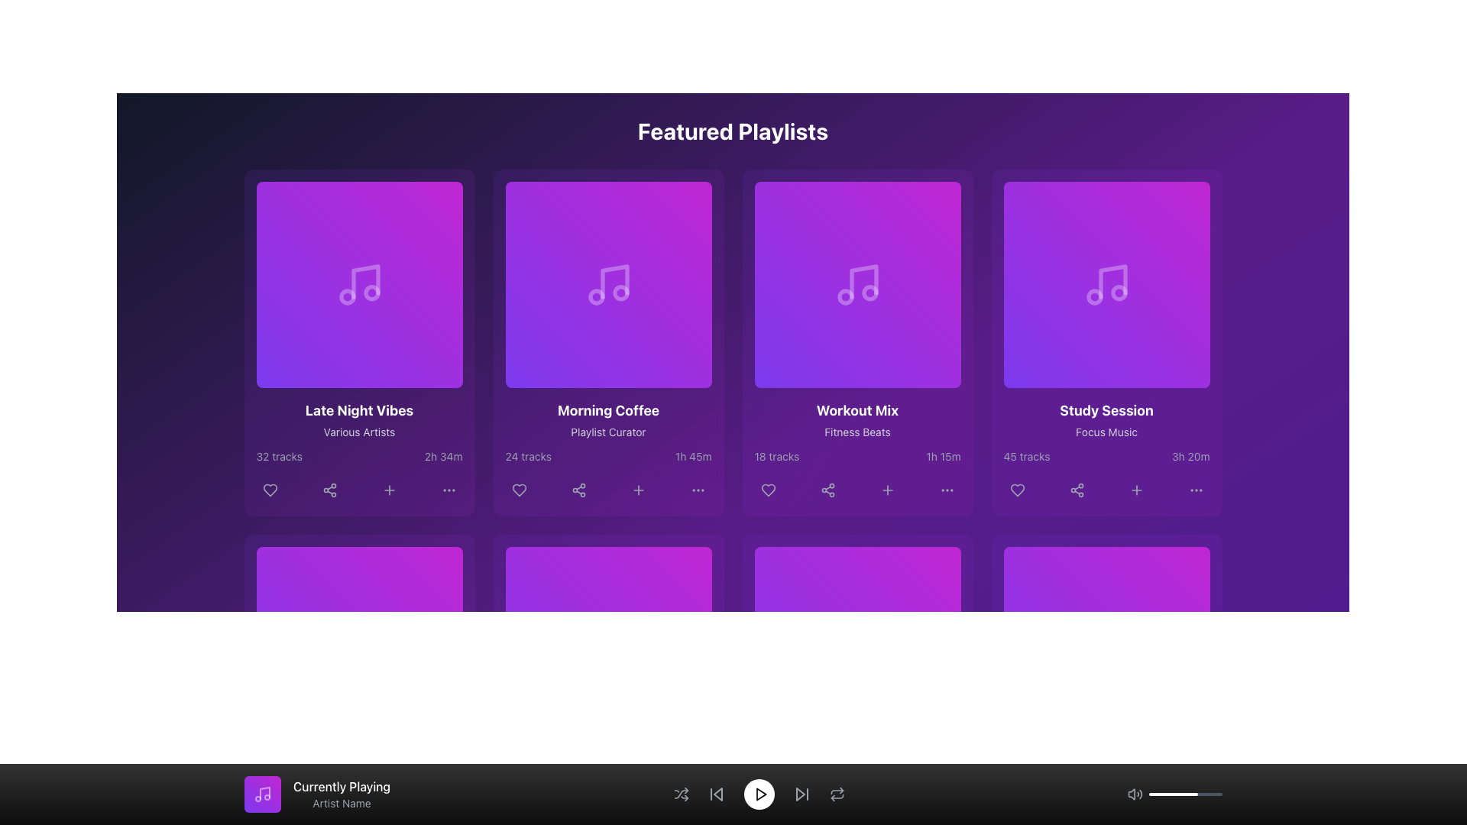 Image resolution: width=1467 pixels, height=825 pixels. What do you see at coordinates (1109, 285) in the screenshot?
I see `the play icon located in the center of the 'Study Session' playlist card, which is overlaid on a musical note icon` at bounding box center [1109, 285].